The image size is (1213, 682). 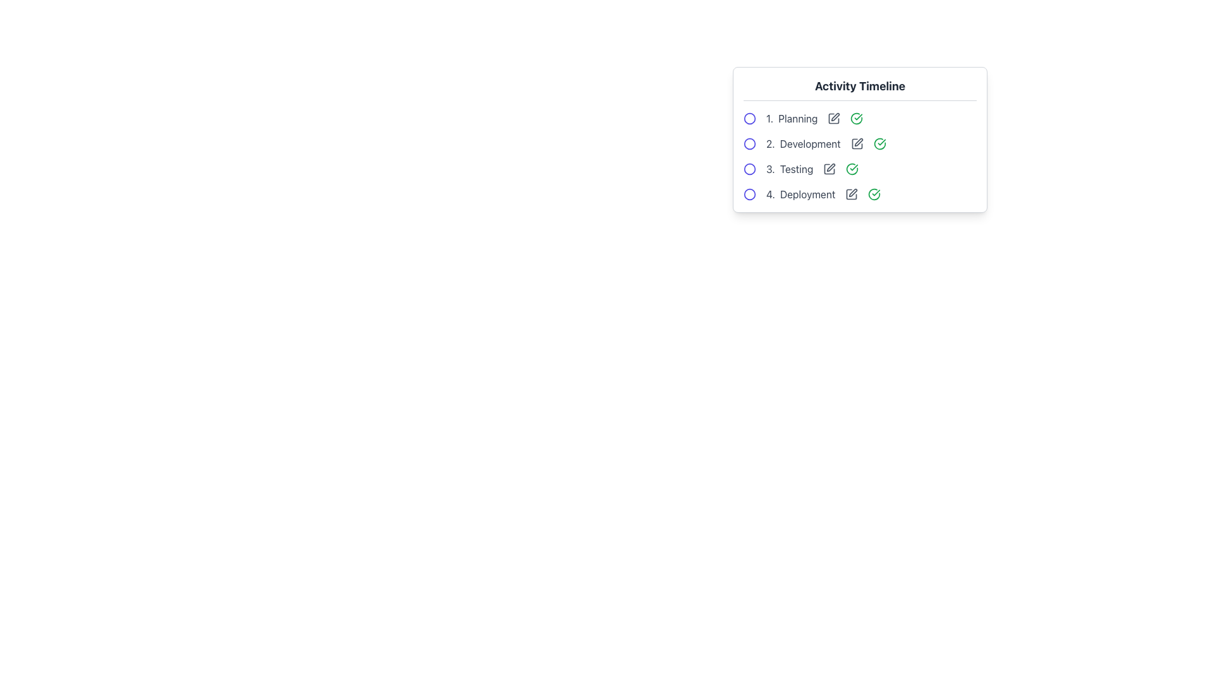 I want to click on the text label for the fourth entry in the 'Activity Timeline', labeled '4. Deployment', which is positioned below the entries 'Planning', 'Development', and 'Testing', so click(x=807, y=194).